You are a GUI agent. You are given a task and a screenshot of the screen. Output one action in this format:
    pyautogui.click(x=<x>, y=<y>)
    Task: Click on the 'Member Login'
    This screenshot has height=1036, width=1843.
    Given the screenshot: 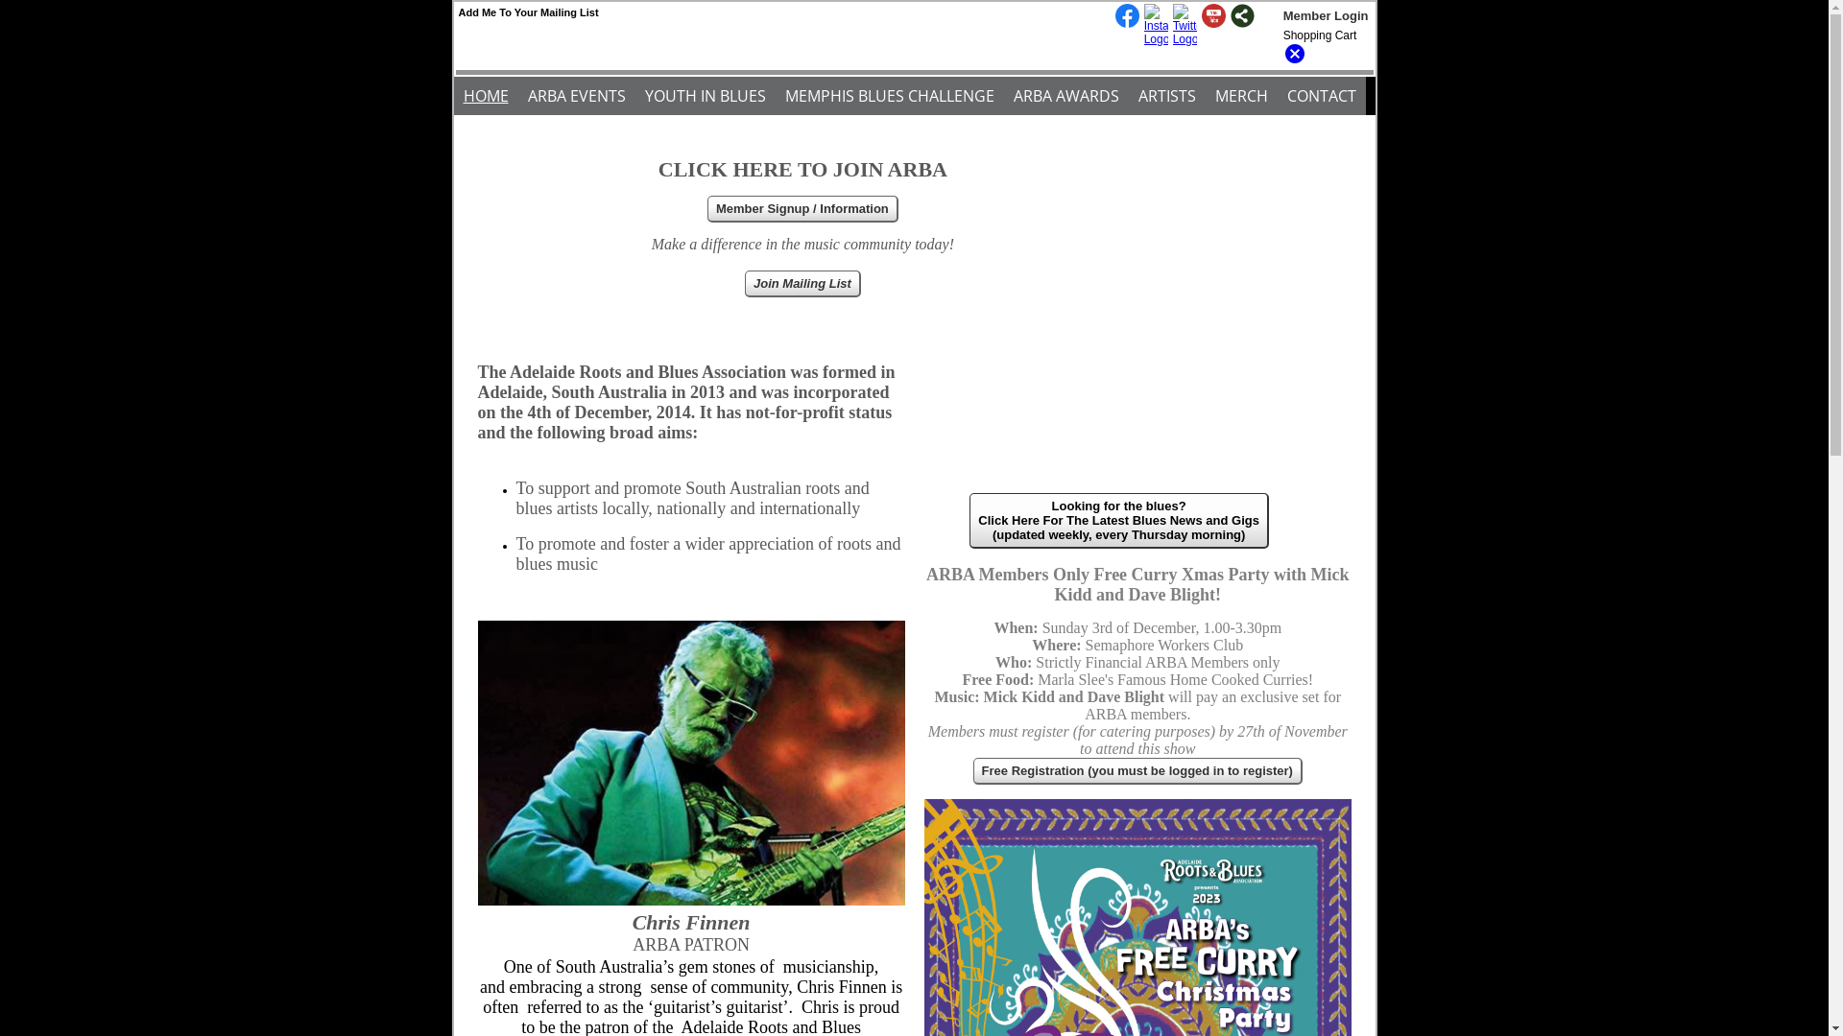 What is the action you would take?
    pyautogui.click(x=1325, y=15)
    